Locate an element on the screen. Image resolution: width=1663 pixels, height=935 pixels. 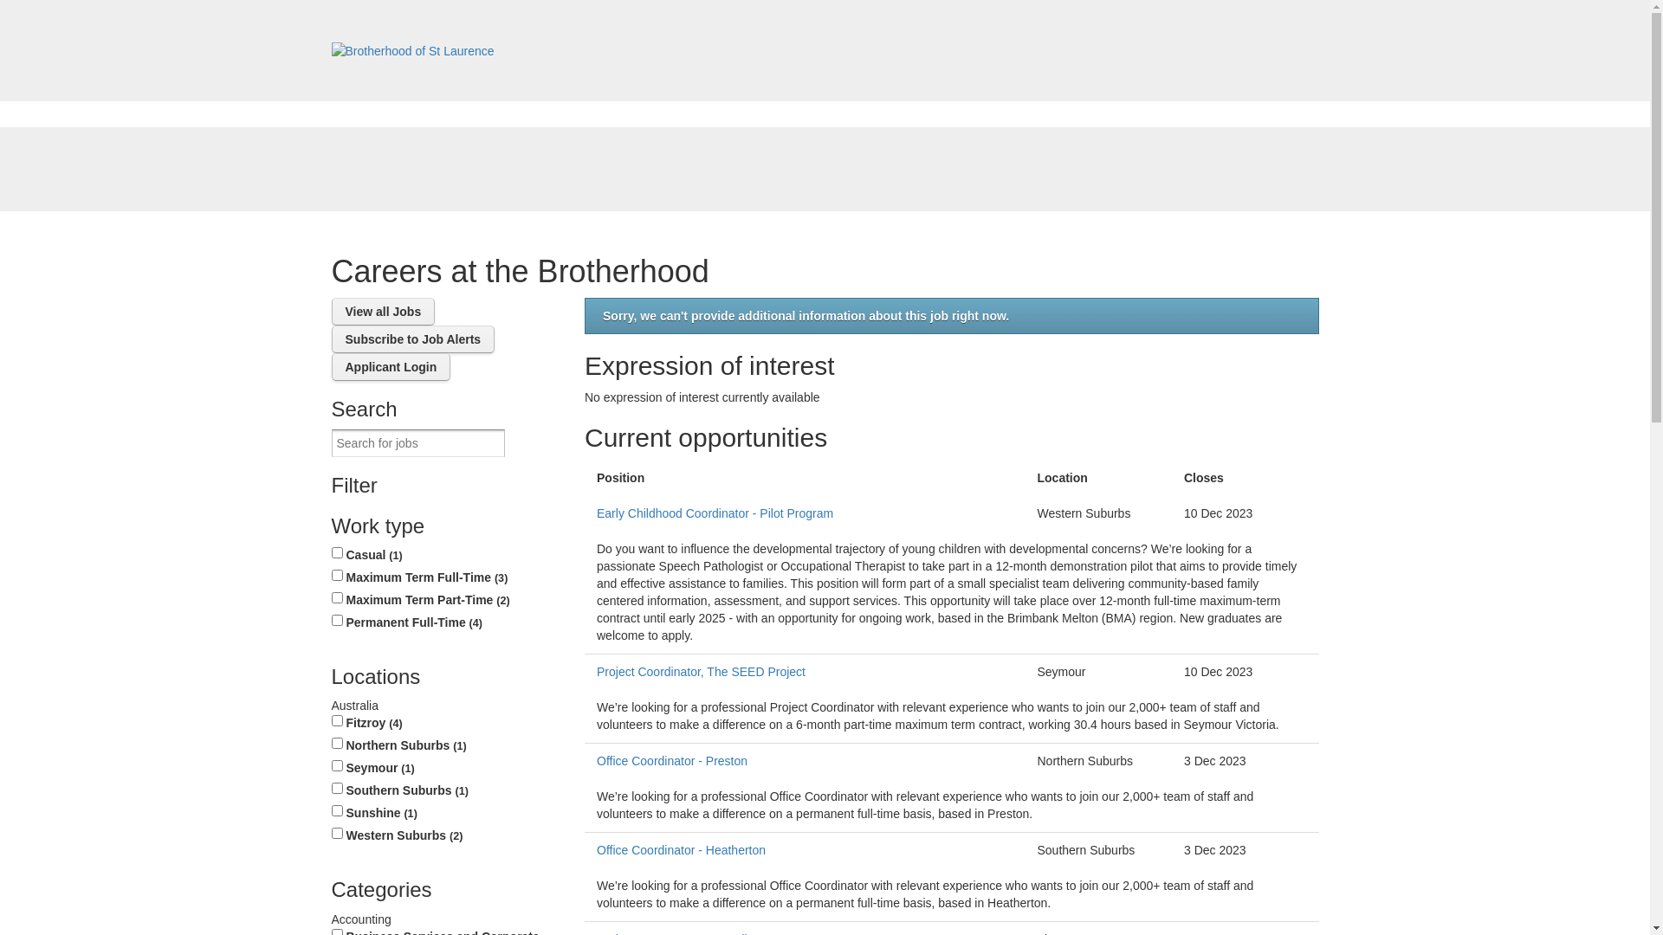
'Subscribe to Job Alerts' is located at coordinates (331, 339).